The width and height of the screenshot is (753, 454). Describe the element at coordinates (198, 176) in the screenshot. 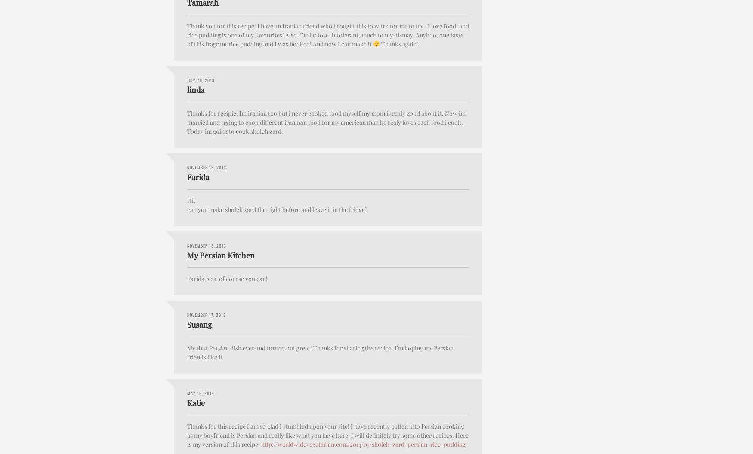

I see `'Farida'` at that location.